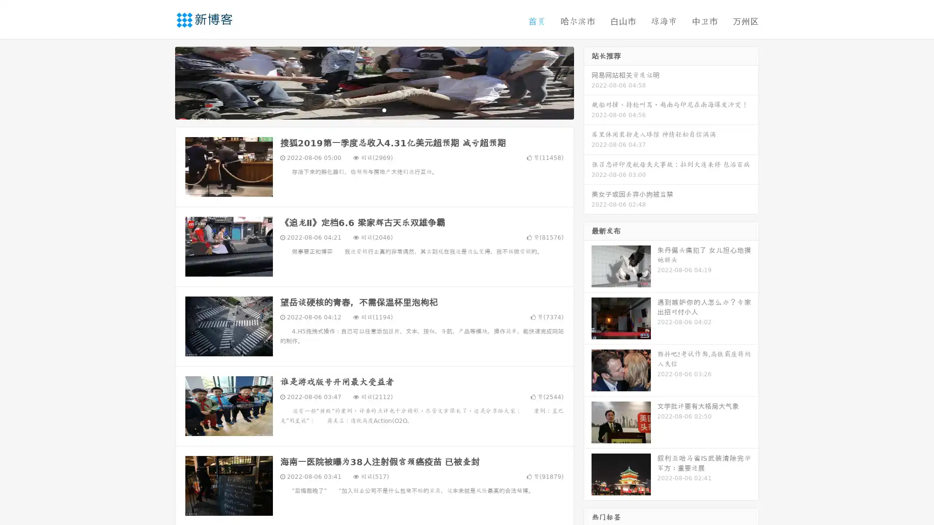 The width and height of the screenshot is (934, 525). I want to click on Go to slide 2, so click(374, 109).